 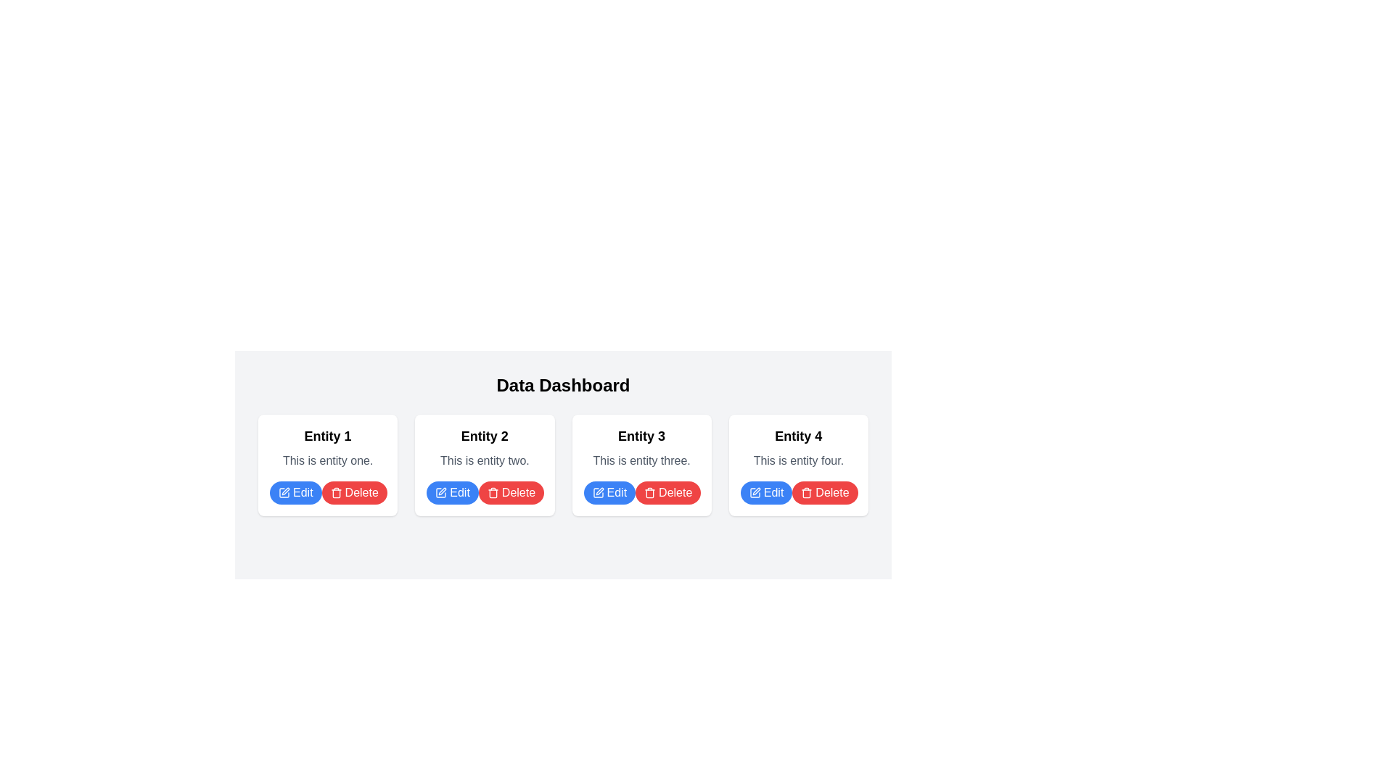 I want to click on the blue outline pen icon located on the left side of the 'Edit' text label within the pill-shaped blue button, so click(x=284, y=492).